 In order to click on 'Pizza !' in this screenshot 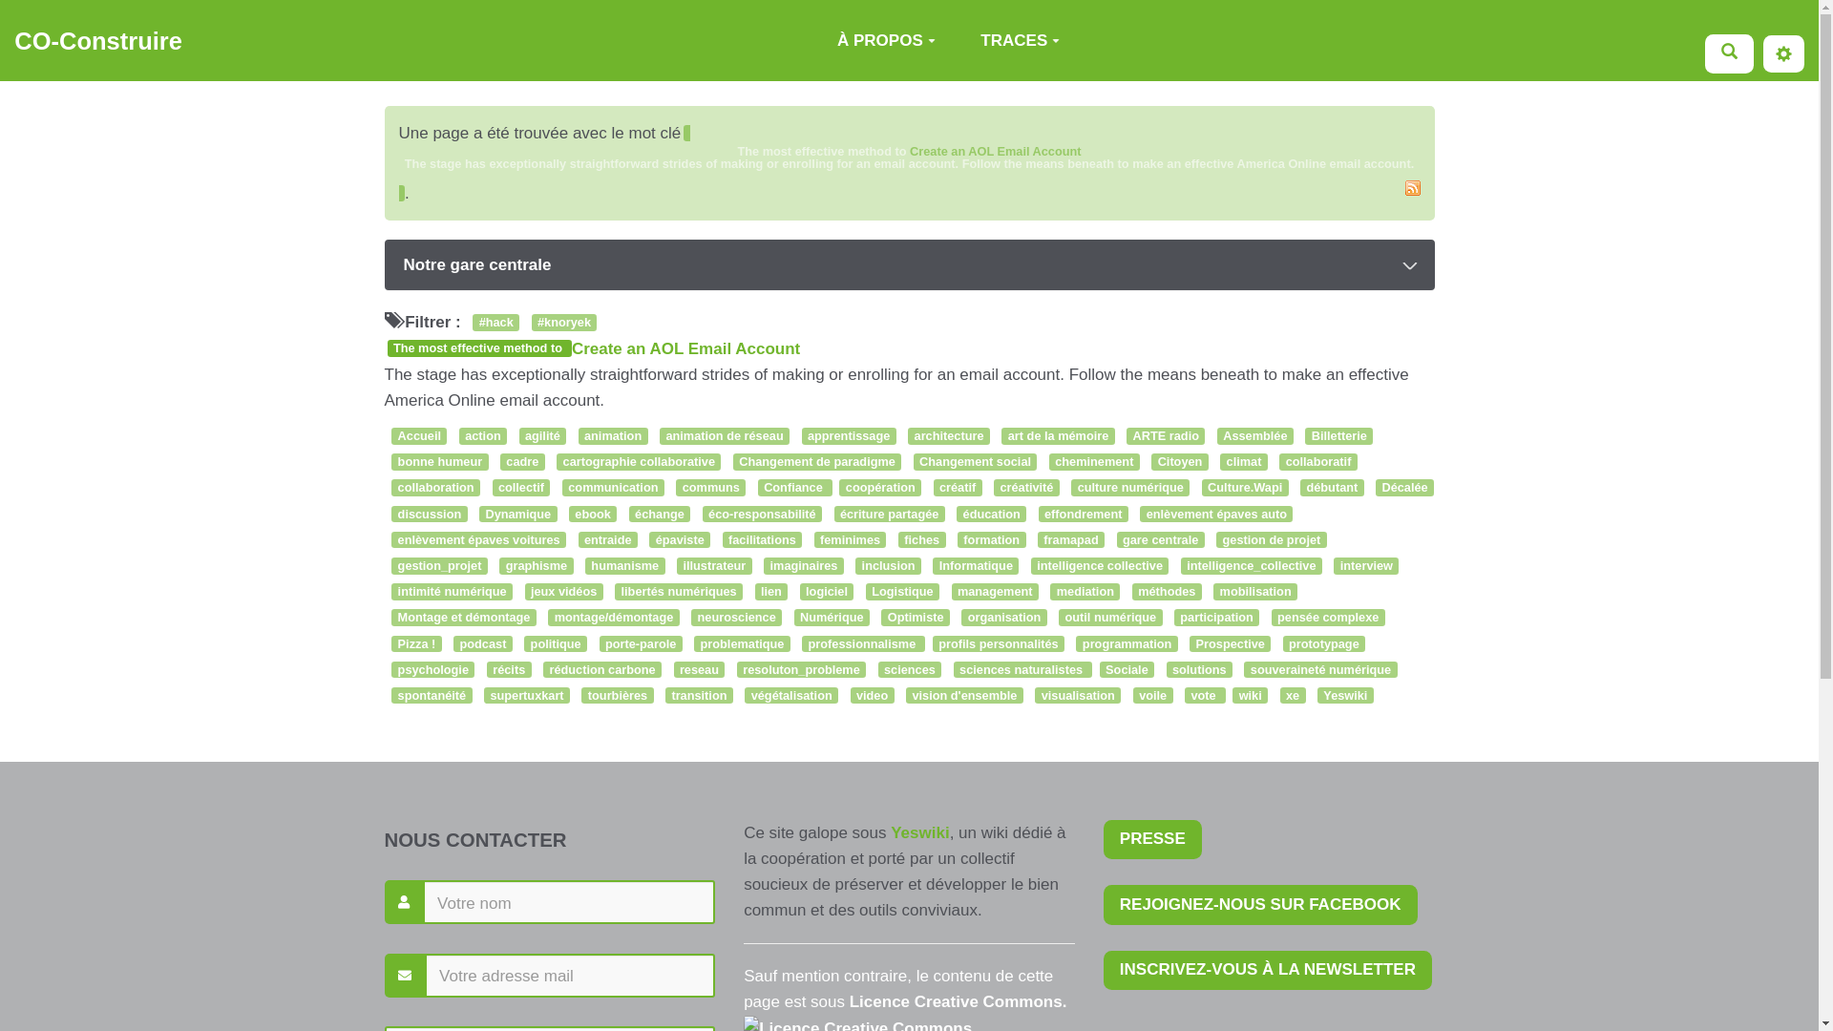, I will do `click(390, 644)`.